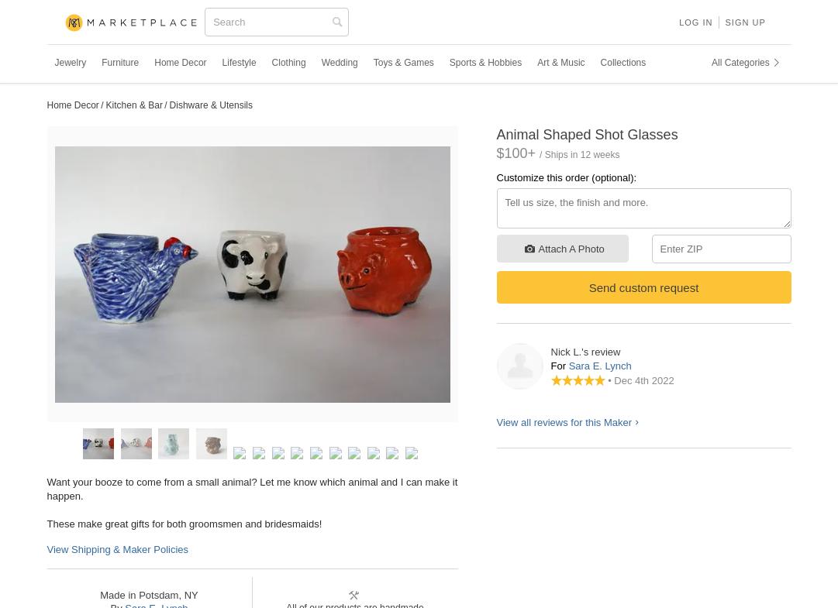  What do you see at coordinates (643, 287) in the screenshot?
I see `'Send custom request'` at bounding box center [643, 287].